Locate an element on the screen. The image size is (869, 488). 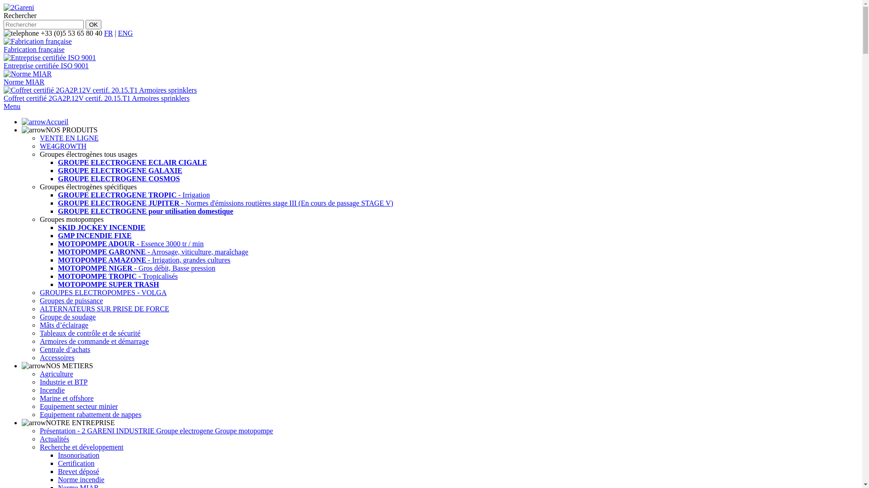
'Accueil' is located at coordinates (44, 121).